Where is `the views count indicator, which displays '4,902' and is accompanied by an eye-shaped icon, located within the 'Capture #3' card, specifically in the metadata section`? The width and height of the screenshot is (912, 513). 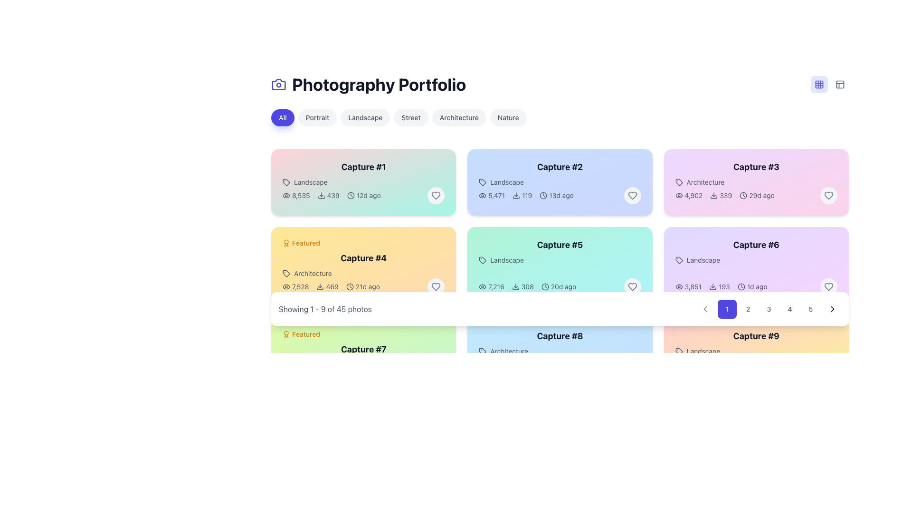 the views count indicator, which displays '4,902' and is accompanied by an eye-shaped icon, located within the 'Capture #3' card, specifically in the metadata section is located at coordinates (689, 195).